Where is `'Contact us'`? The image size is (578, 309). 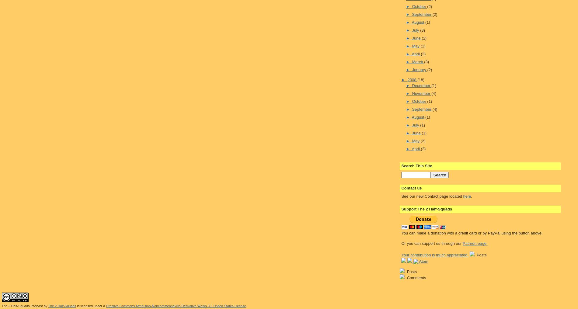
'Contact us' is located at coordinates (411, 188).